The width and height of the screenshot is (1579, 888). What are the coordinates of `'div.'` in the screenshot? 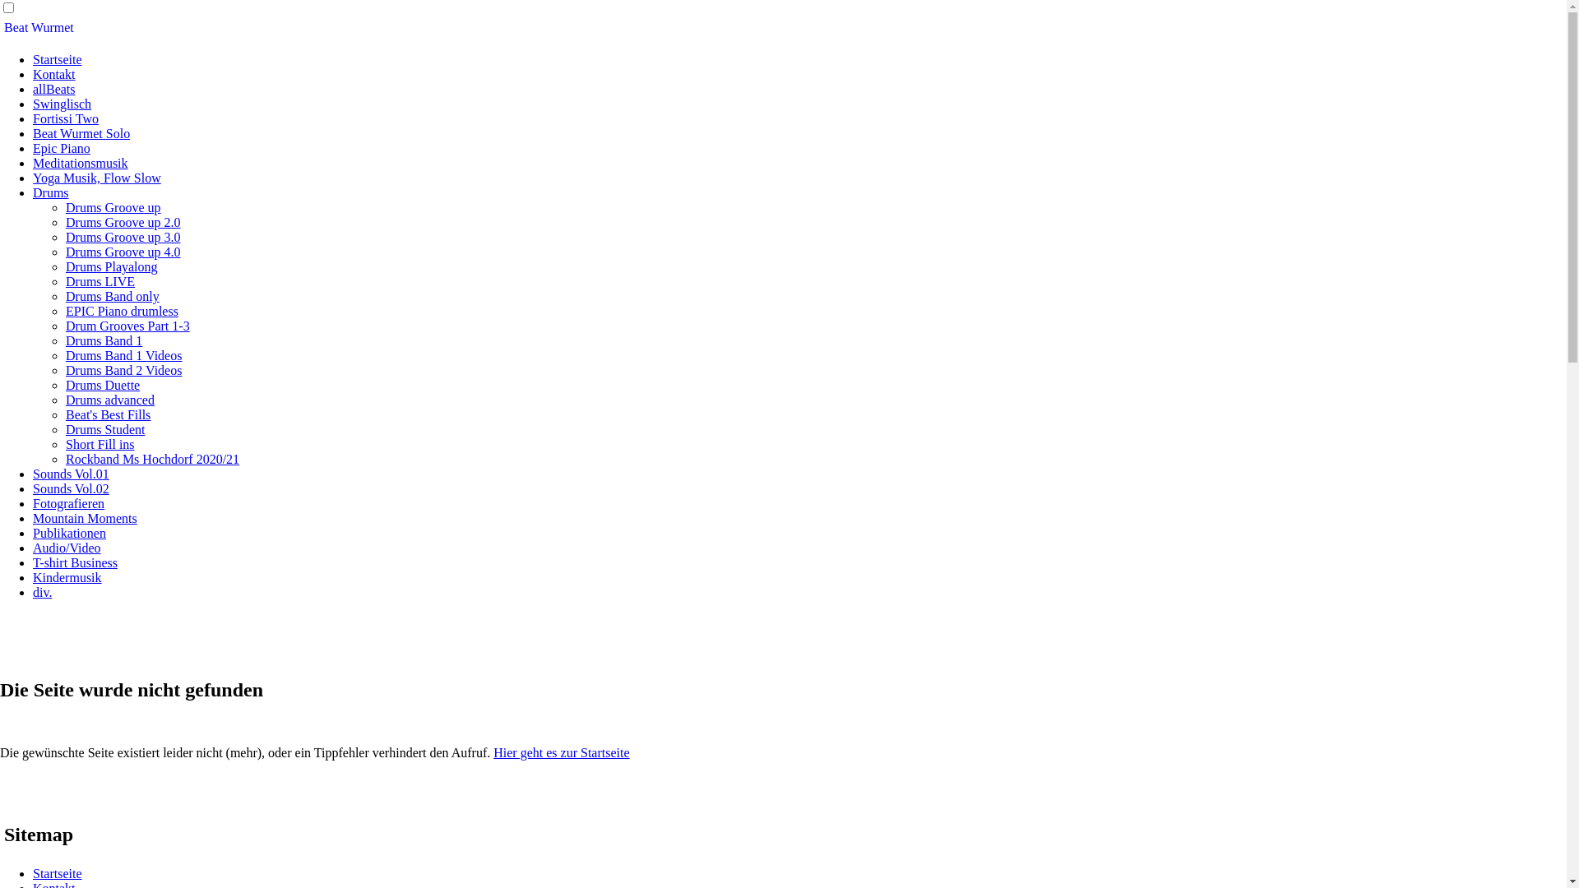 It's located at (42, 592).